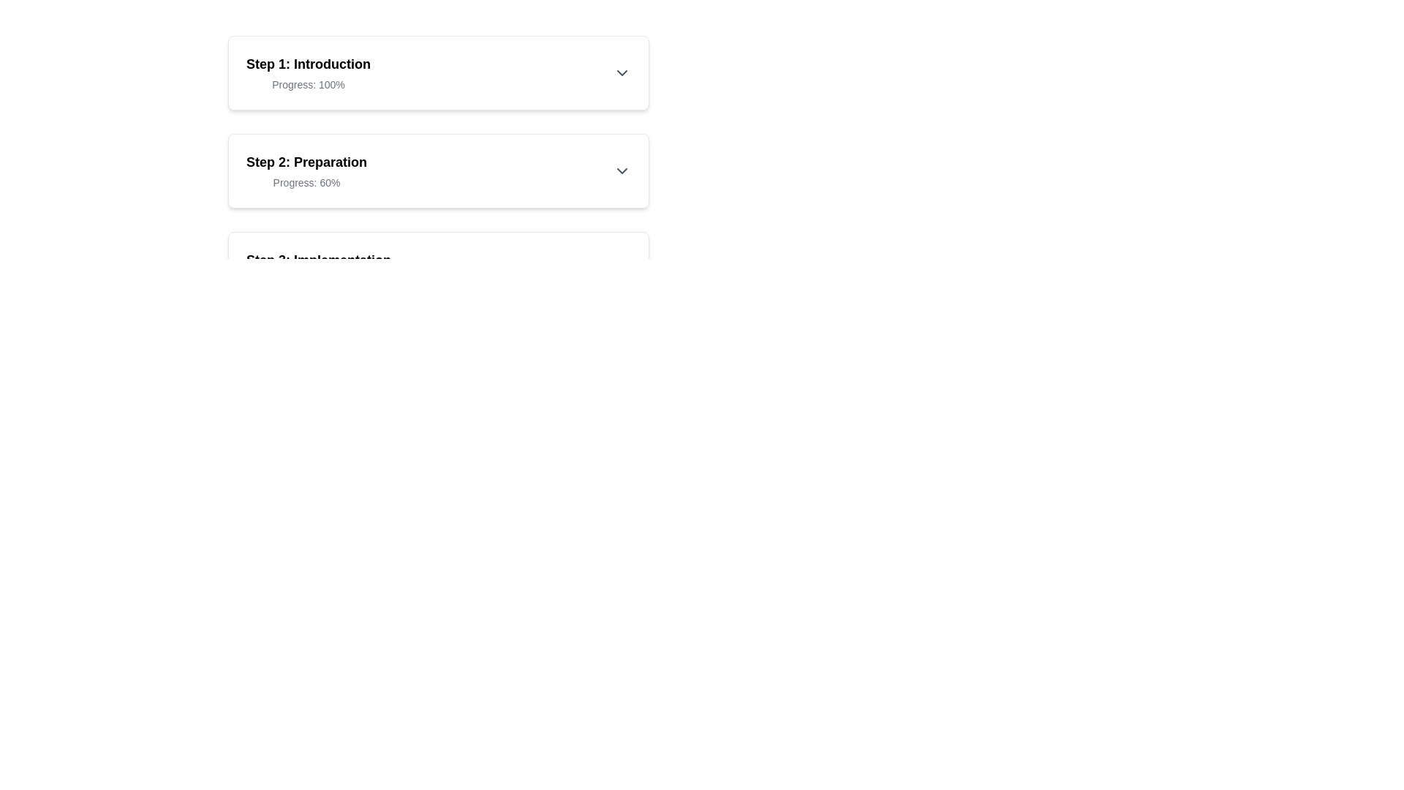 Image resolution: width=1404 pixels, height=790 pixels. What do you see at coordinates (438, 170) in the screenshot?
I see `the 'Step 2: Preparation' expandable list item` at bounding box center [438, 170].